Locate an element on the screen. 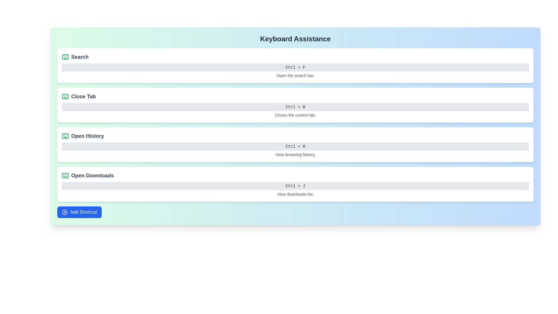  the keyboard icon with a green border that represents the 'Open History' keyboard shortcut, positioned at the leftmost part of the row is located at coordinates (65, 136).